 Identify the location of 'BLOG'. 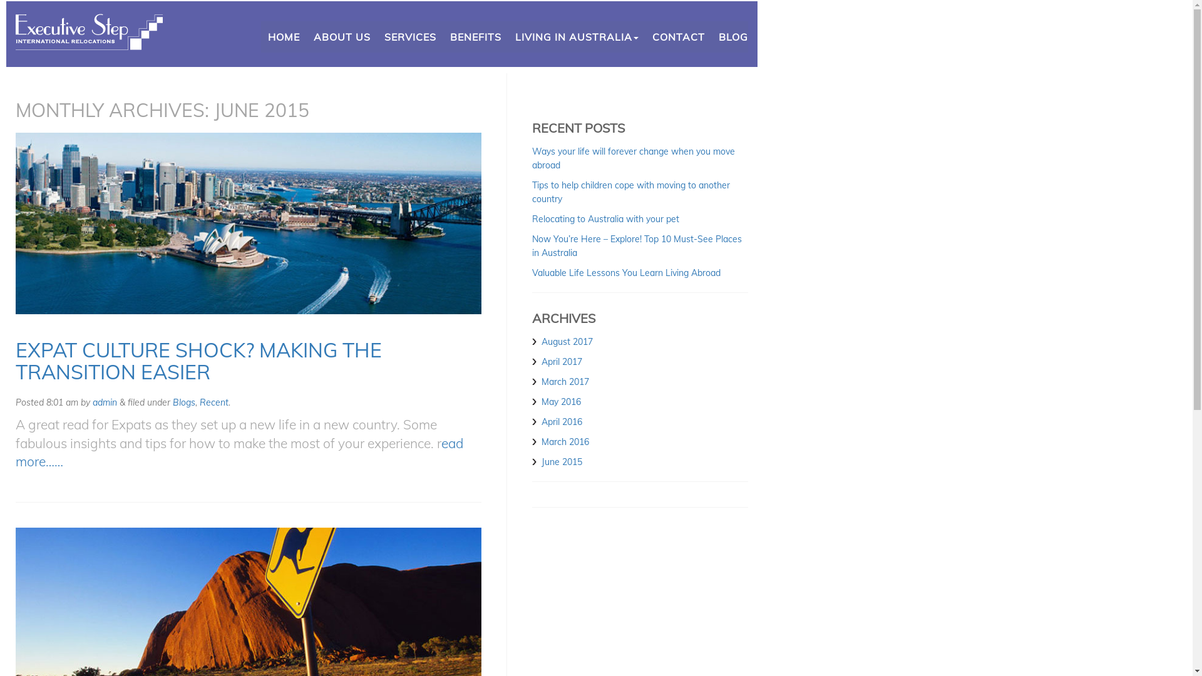
(730, 36).